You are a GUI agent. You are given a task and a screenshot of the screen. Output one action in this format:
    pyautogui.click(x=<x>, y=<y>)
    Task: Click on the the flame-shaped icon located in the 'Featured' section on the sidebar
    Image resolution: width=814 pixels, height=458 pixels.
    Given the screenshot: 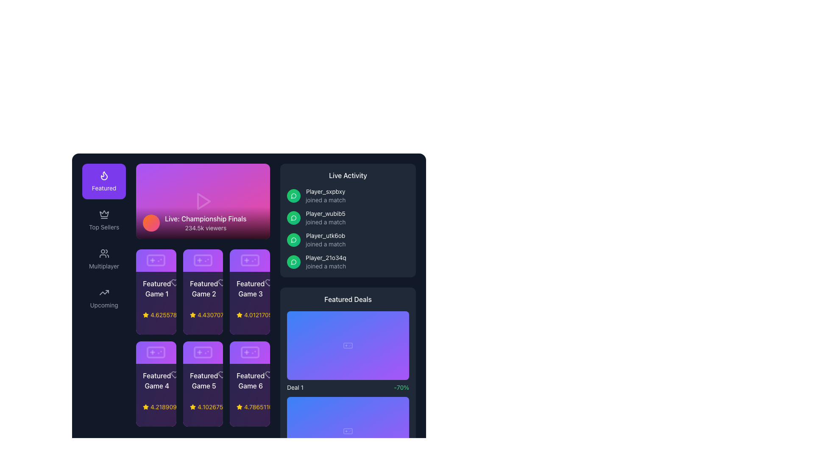 What is the action you would take?
    pyautogui.click(x=103, y=175)
    